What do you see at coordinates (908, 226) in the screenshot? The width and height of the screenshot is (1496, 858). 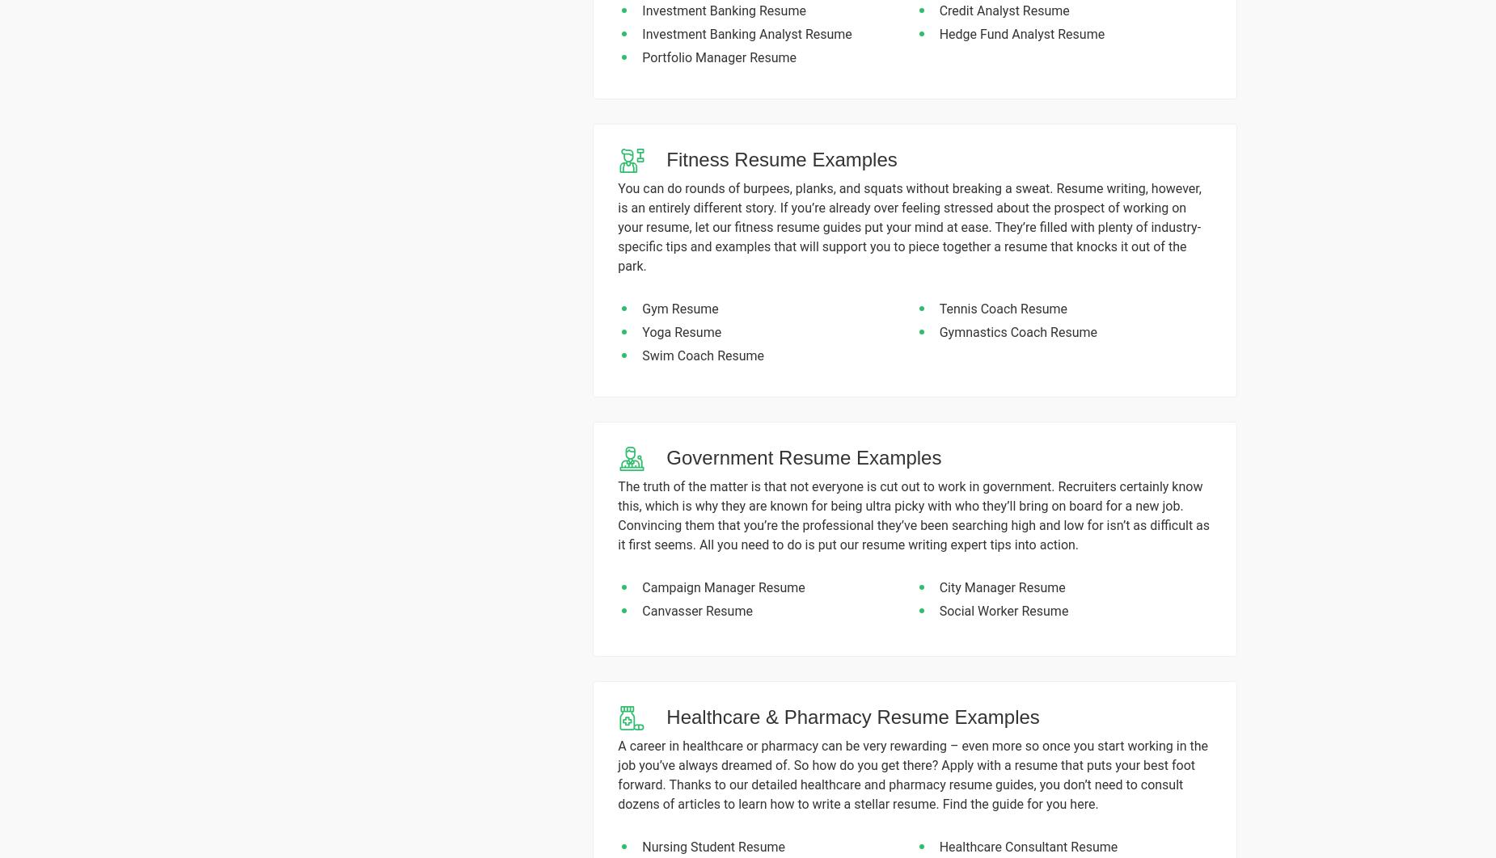 I see `'You can do rounds of burpees, planks, and squats without breaking a sweat. Resume writing, however, is an entirely different story. If you’re already over feeling stressed about the prospect of working on your resume, let our fitness resume guides put your mind at ease. They’re filled with plenty of industry-specific tips and examples that will support you to piece together a resume that knocks it out of the park.'` at bounding box center [908, 226].